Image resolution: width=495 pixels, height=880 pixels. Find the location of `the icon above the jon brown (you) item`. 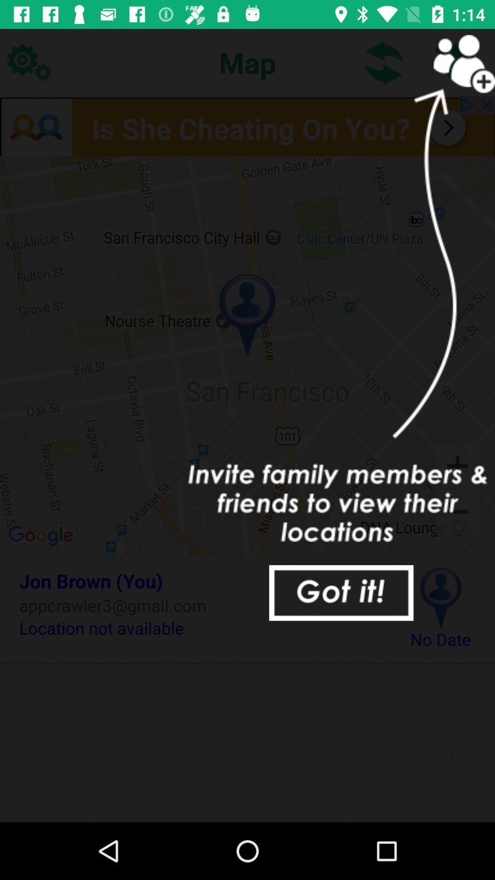

the icon above the jon brown (you) item is located at coordinates (247, 356).